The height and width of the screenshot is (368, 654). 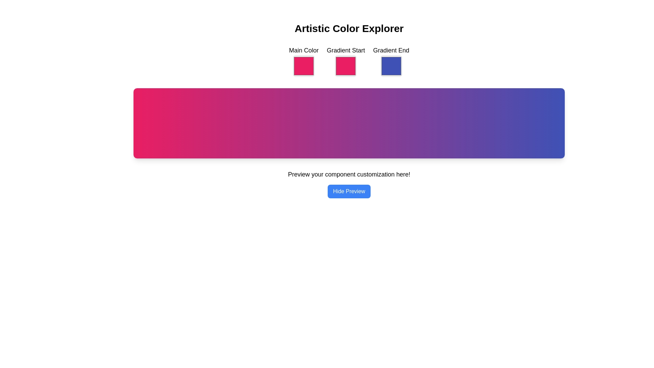 I want to click on the Color Picker for selecting the gradient's ending color located under 'Gradient End' in the Artistic Color Explorer section, so click(x=391, y=66).